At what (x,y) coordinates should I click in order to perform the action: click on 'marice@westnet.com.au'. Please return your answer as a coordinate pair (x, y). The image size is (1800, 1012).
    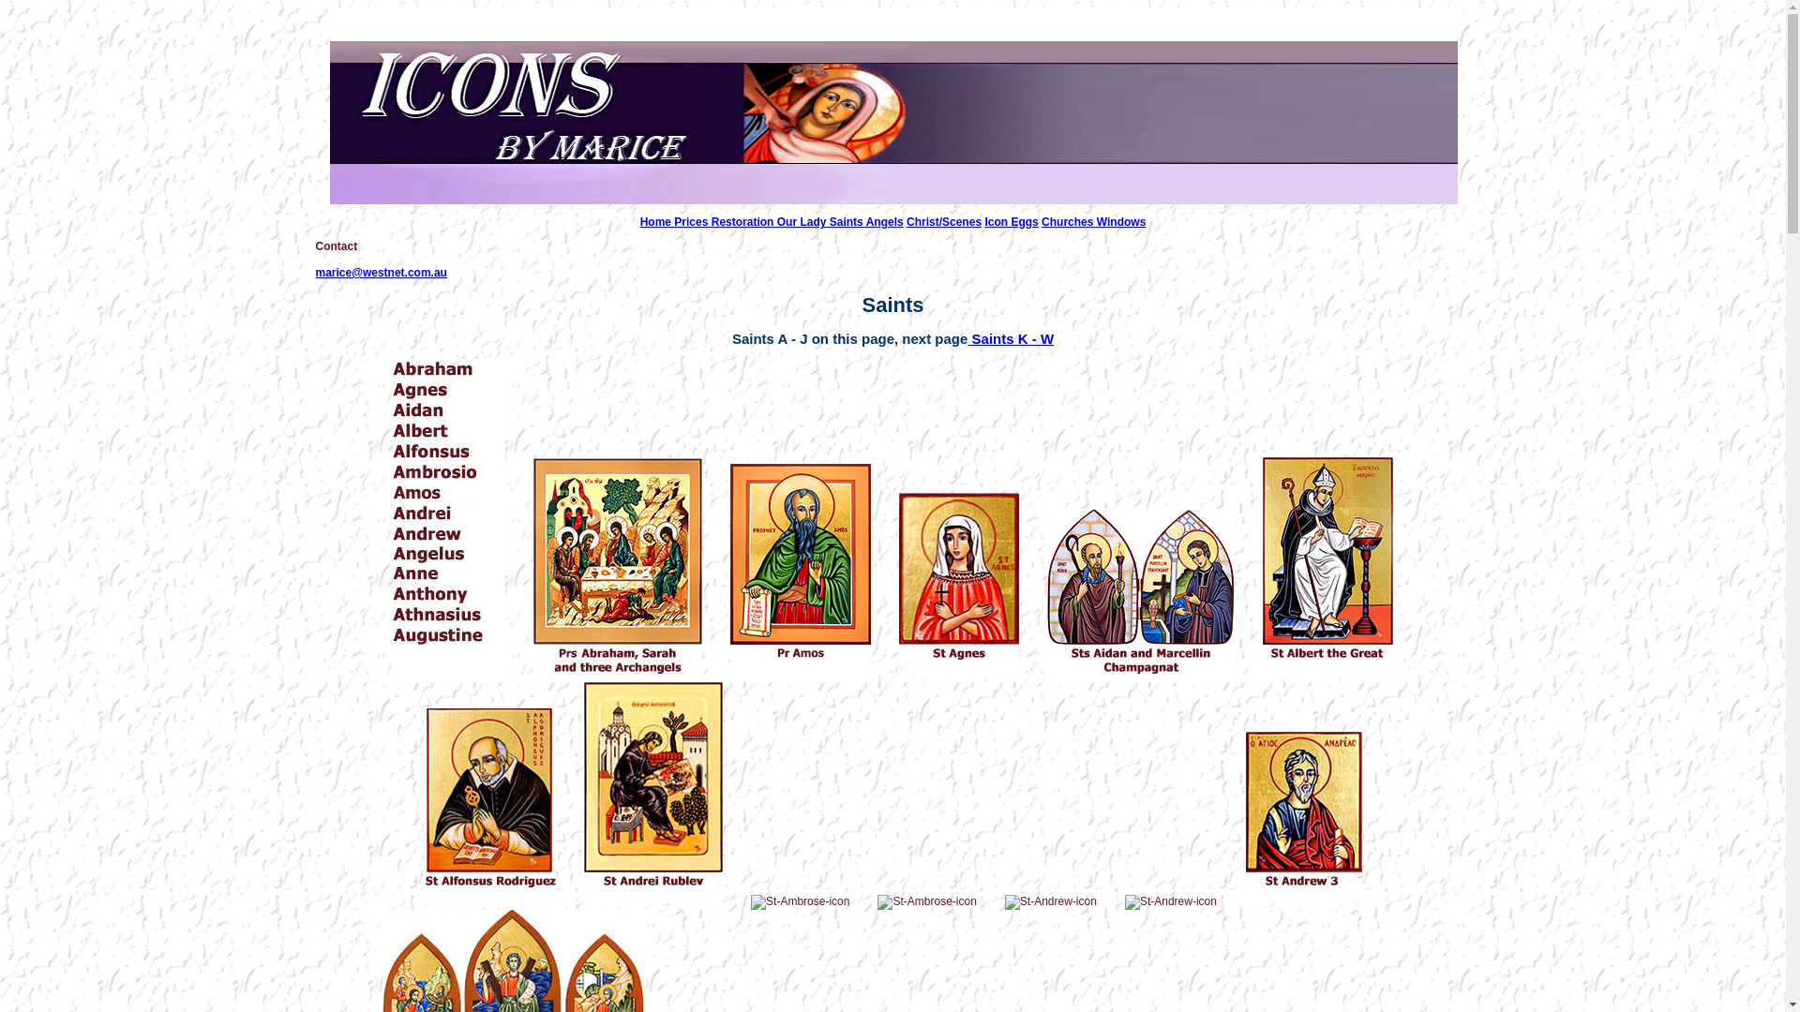
    Looking at the image, I should click on (315, 272).